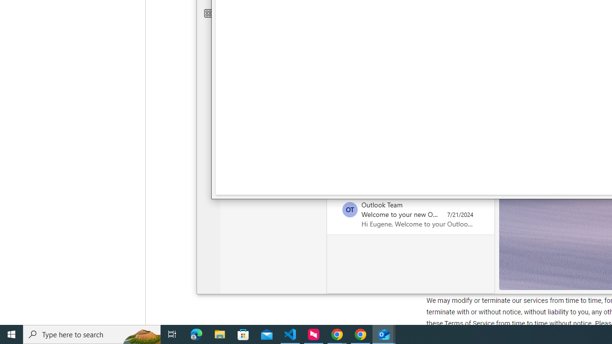  I want to click on 'File Explorer', so click(219, 333).